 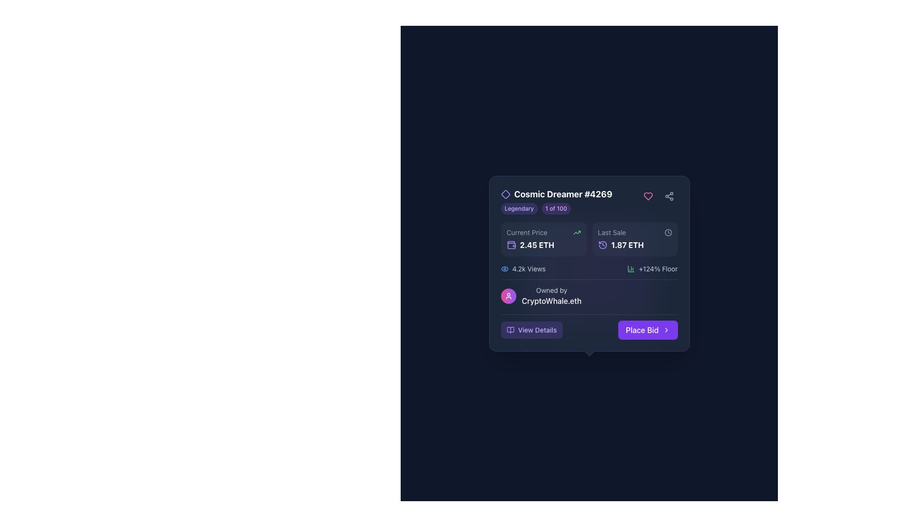 What do you see at coordinates (576, 232) in the screenshot?
I see `the small, upward-trending green outline arrow icon located in the top-right corner of the 'Current Price' section, next to the numerical price display` at bounding box center [576, 232].